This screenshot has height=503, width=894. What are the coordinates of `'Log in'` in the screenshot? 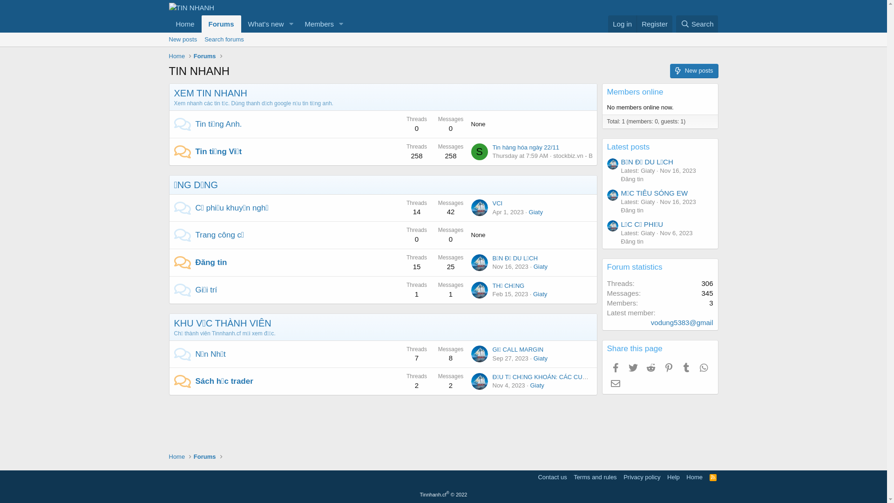 It's located at (622, 23).